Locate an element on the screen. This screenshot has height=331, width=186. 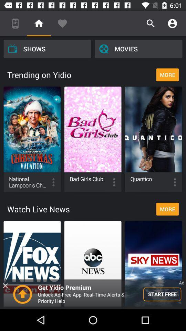
item above shows item is located at coordinates (39, 23).